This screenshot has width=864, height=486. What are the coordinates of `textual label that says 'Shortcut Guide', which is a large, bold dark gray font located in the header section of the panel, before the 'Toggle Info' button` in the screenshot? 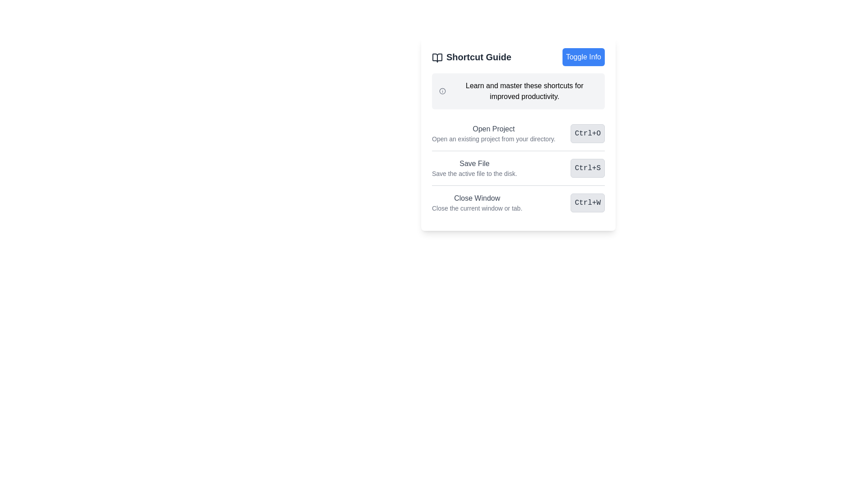 It's located at (471, 57).